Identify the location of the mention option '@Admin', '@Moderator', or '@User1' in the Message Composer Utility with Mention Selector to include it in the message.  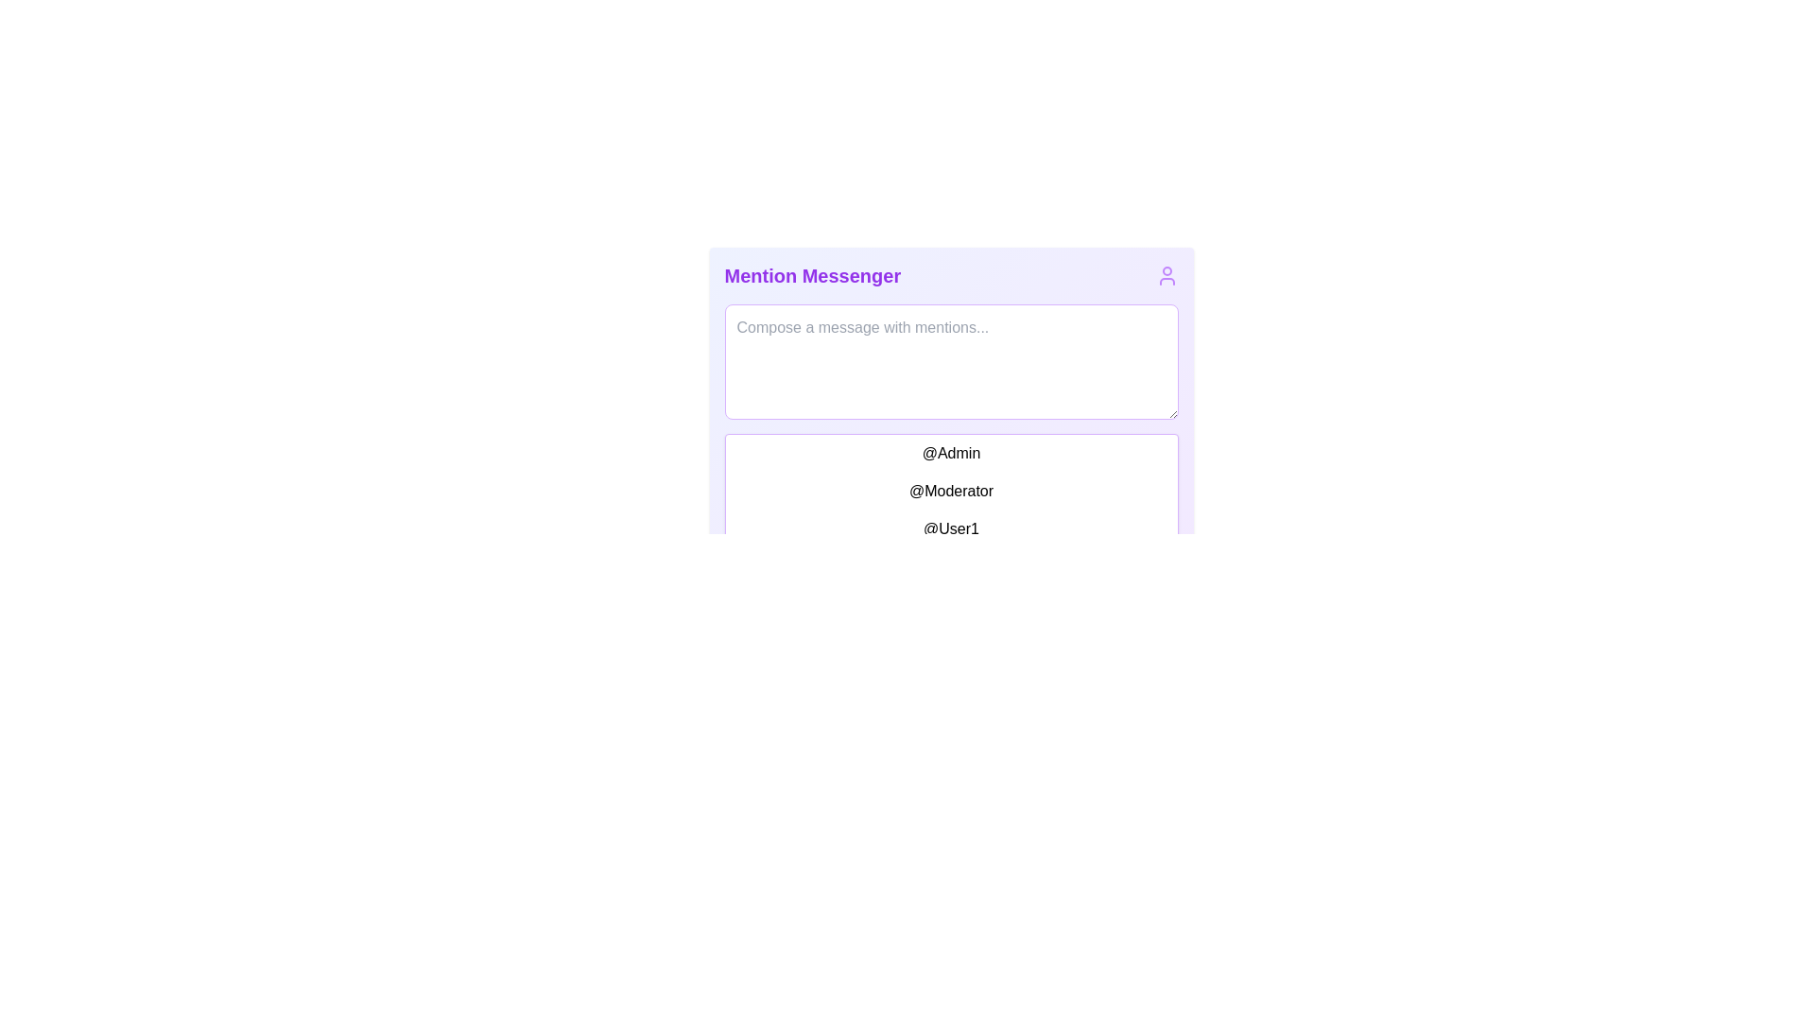
(951, 449).